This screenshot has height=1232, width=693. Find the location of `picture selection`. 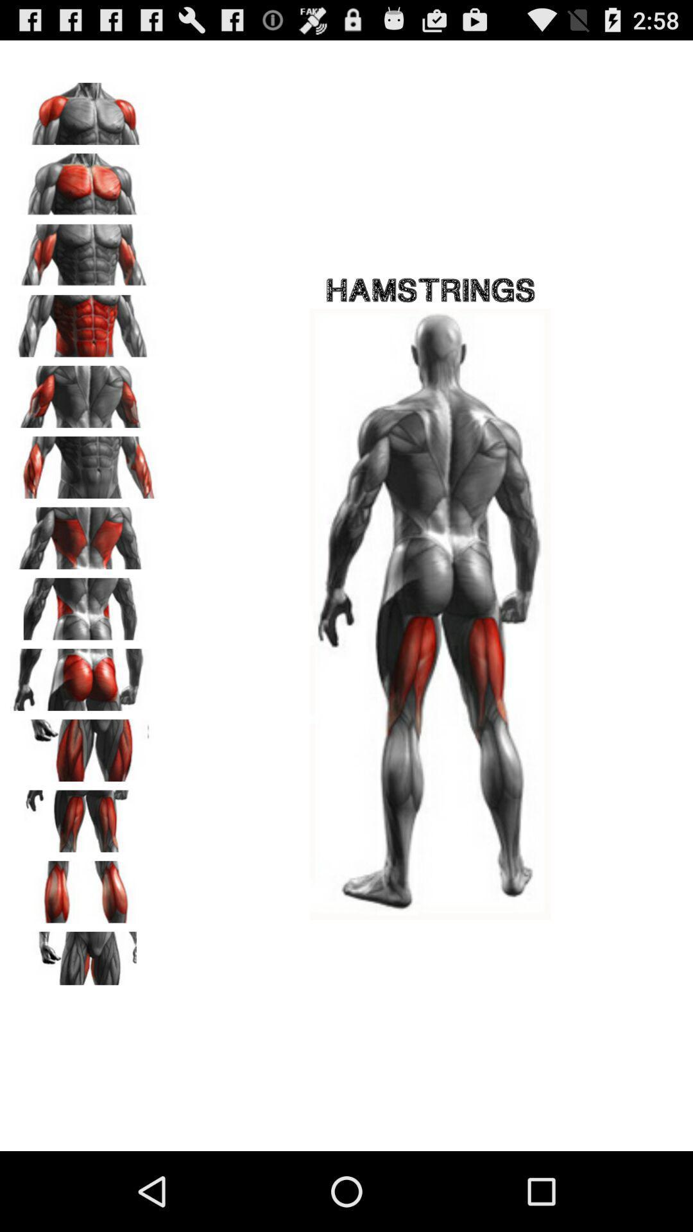

picture selection is located at coordinates (84, 109).